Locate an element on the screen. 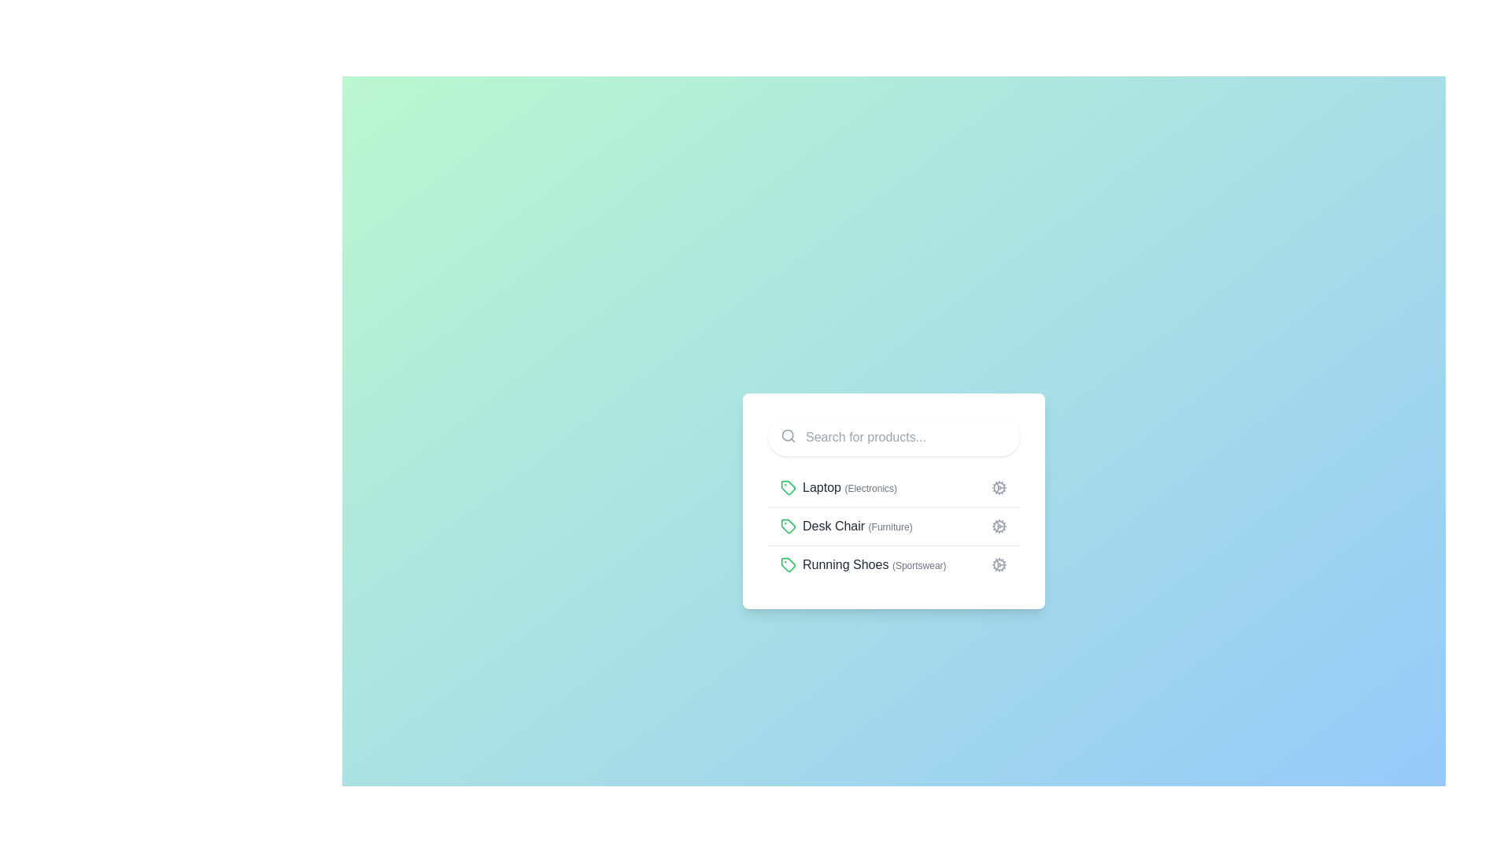 The width and height of the screenshot is (1511, 850). the 'Laptop (Electronics)' text label element, which is the first item in a vertically stacked list and is aligned with a green tag icon on the left and a settings gear icon on the right is located at coordinates (849, 487).